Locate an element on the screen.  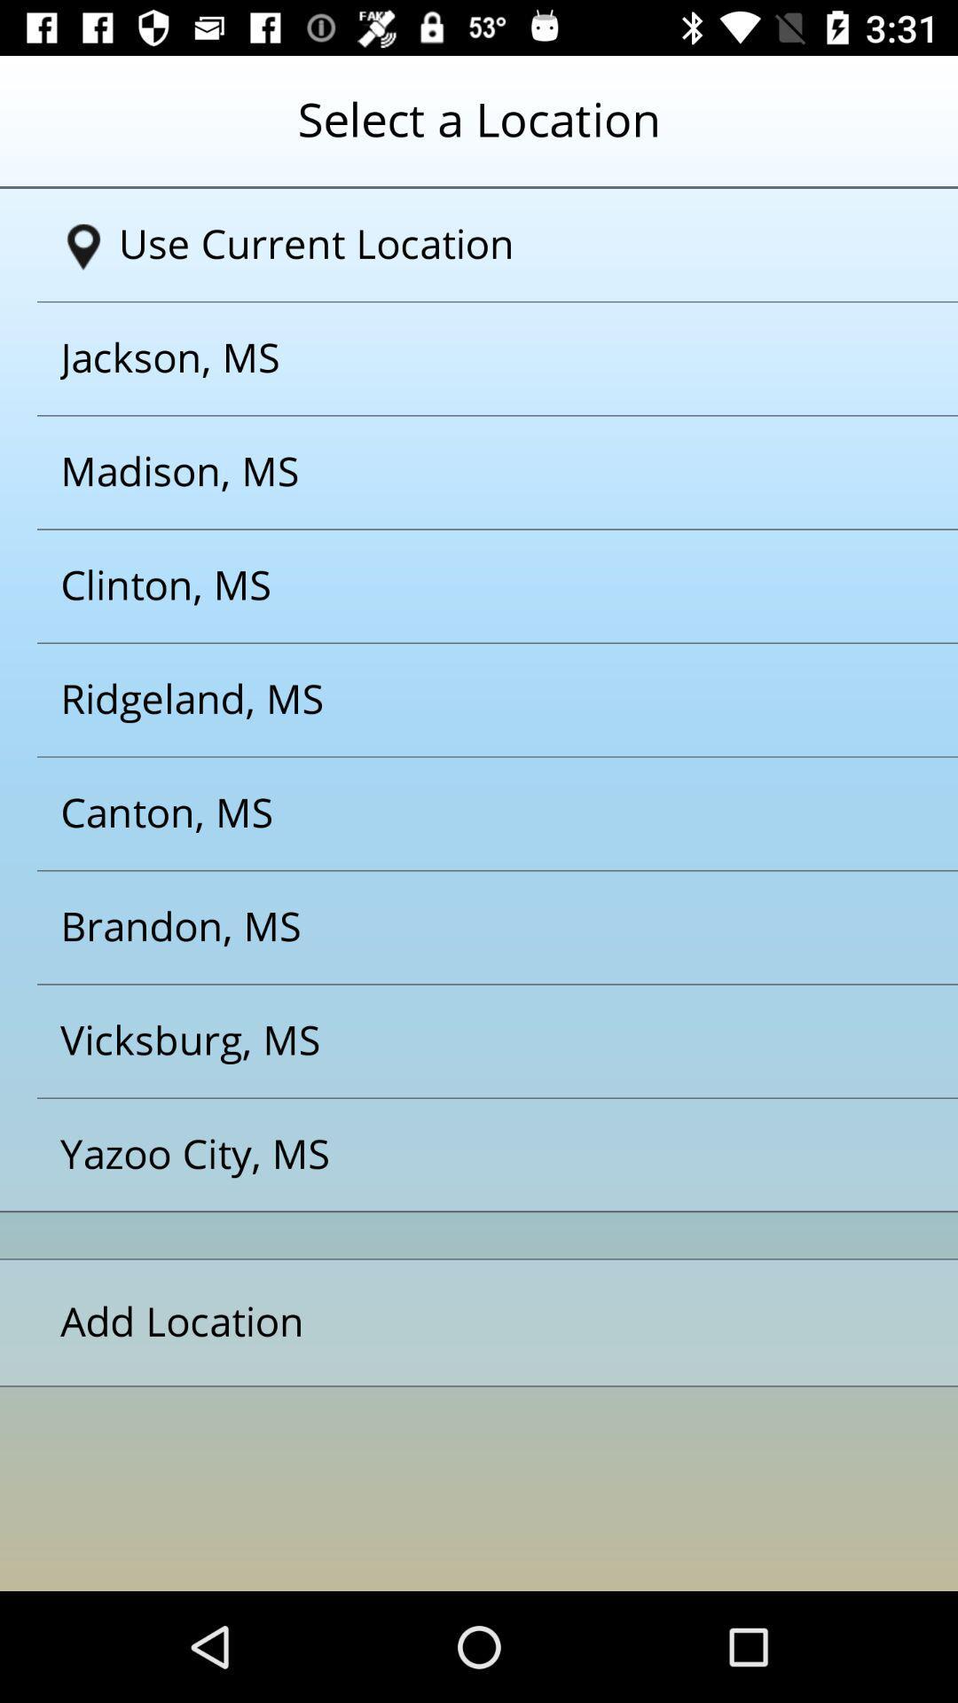
the text which is below the jackson ms is located at coordinates (456, 472).